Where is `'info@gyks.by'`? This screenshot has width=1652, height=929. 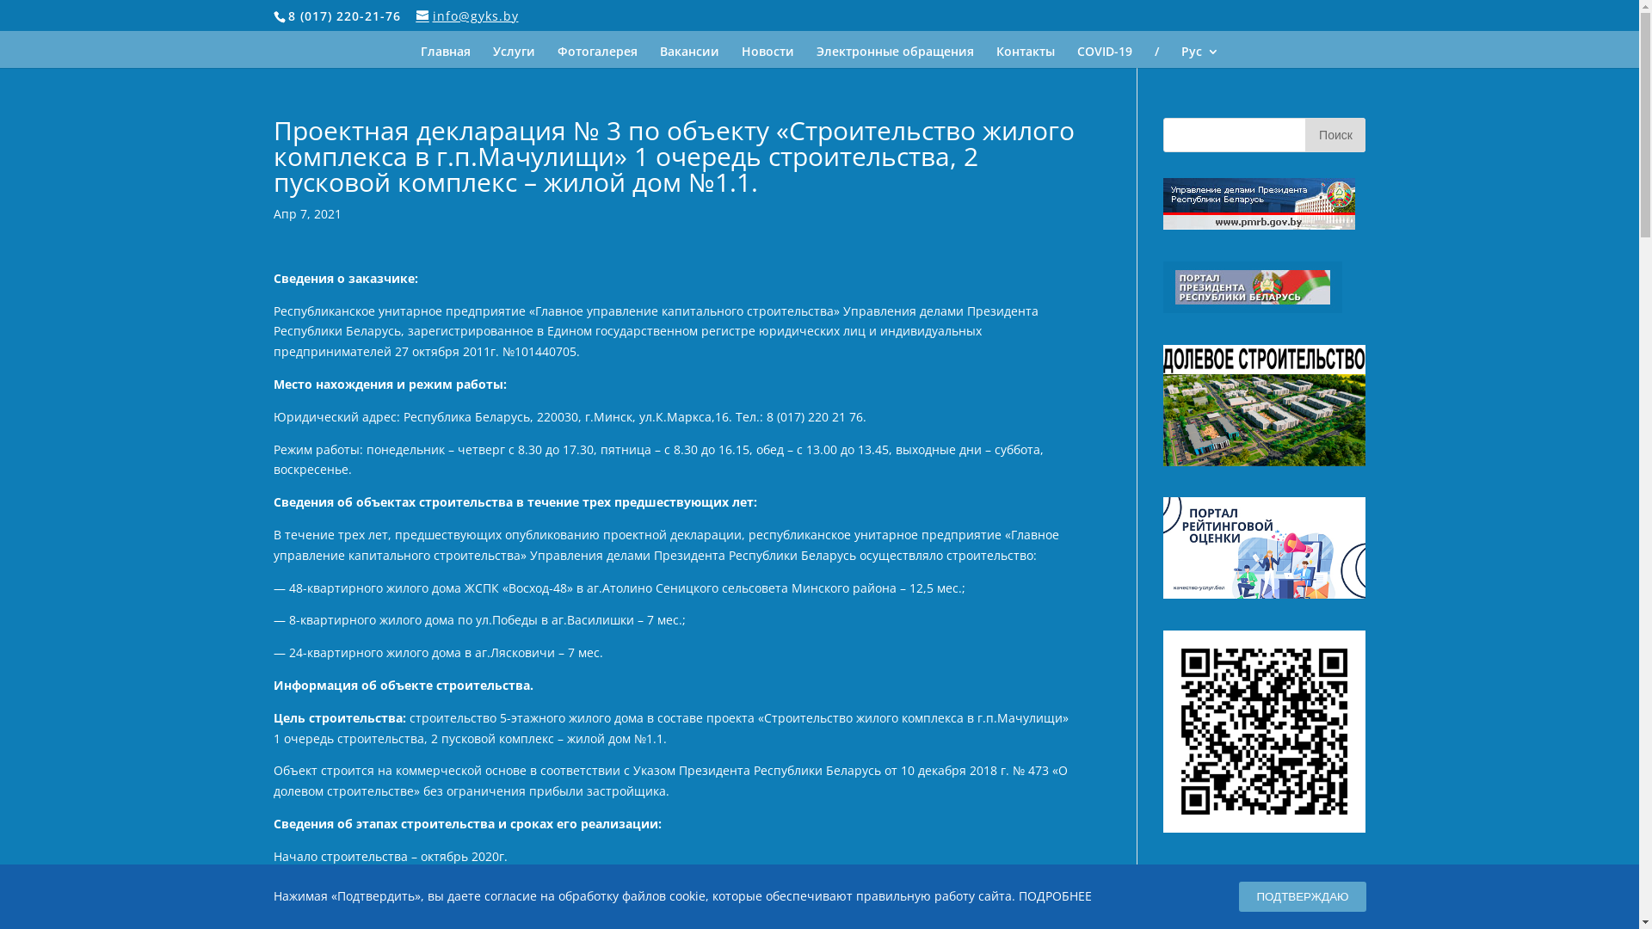
'info@gyks.by' is located at coordinates (416, 15).